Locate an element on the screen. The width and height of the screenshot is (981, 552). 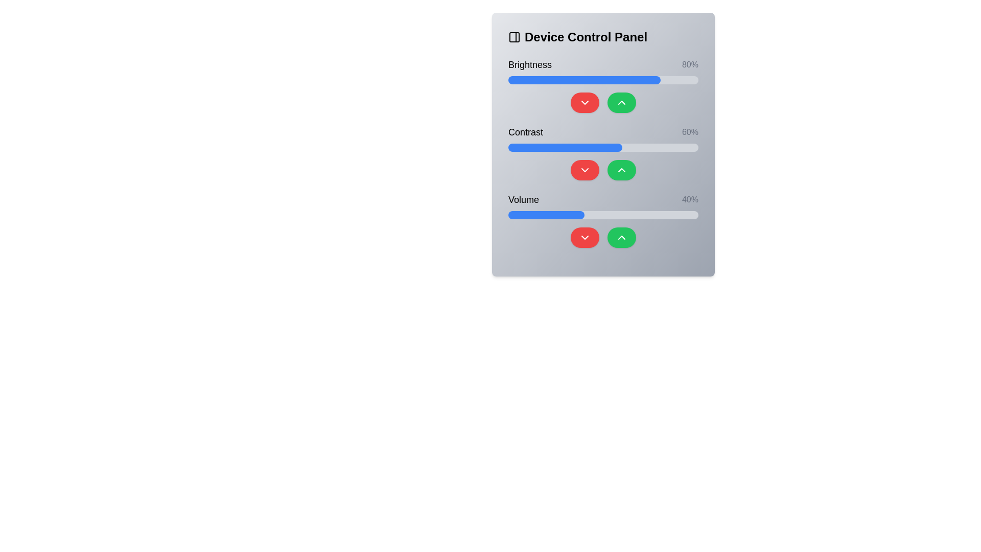
the red button with rounded corners and a downward-pointing chevron icon to decrement the value is located at coordinates (585, 169).